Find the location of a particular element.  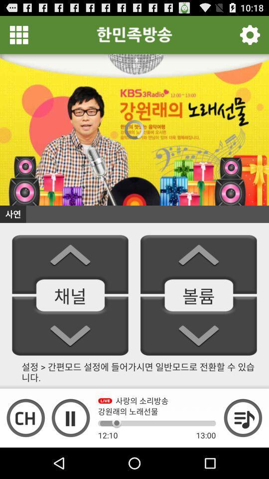

the dialpad icon is located at coordinates (19, 37).